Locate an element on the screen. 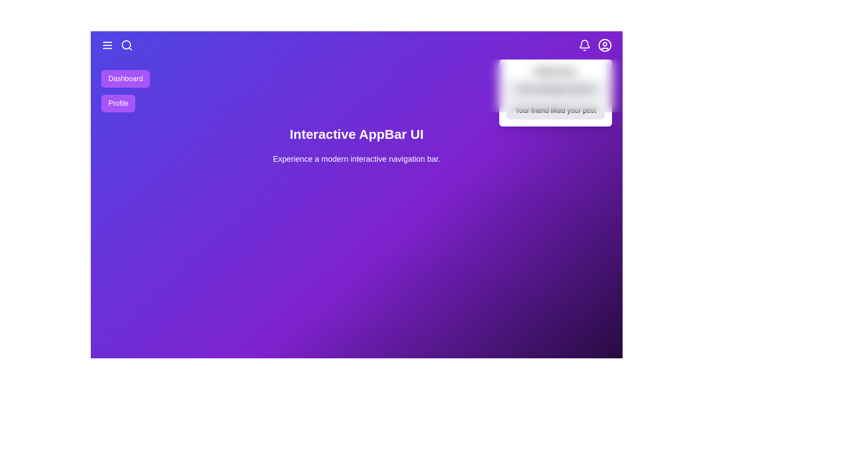 This screenshot has width=846, height=476. the menu icon to toggle the menu visibility is located at coordinates (107, 45).